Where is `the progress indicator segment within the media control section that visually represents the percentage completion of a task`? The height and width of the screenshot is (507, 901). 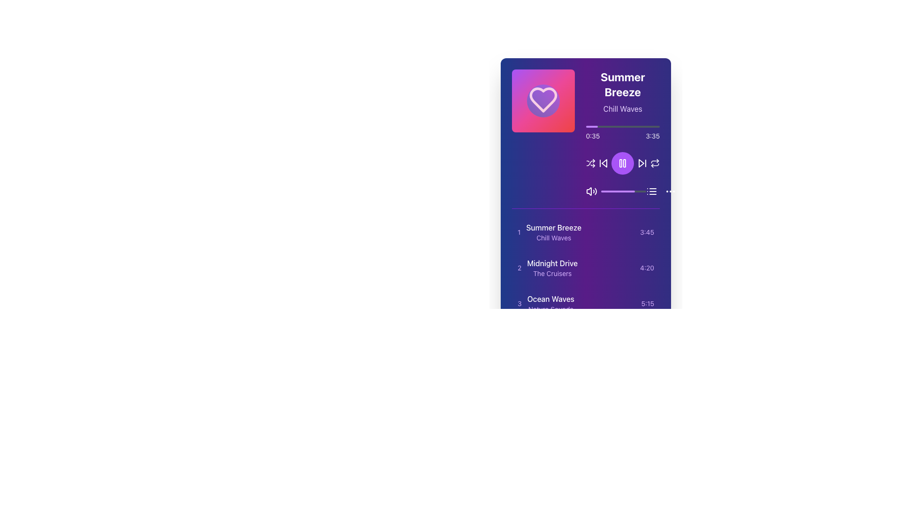 the progress indicator segment within the media control section that visually represents the percentage completion of a task is located at coordinates (618, 191).